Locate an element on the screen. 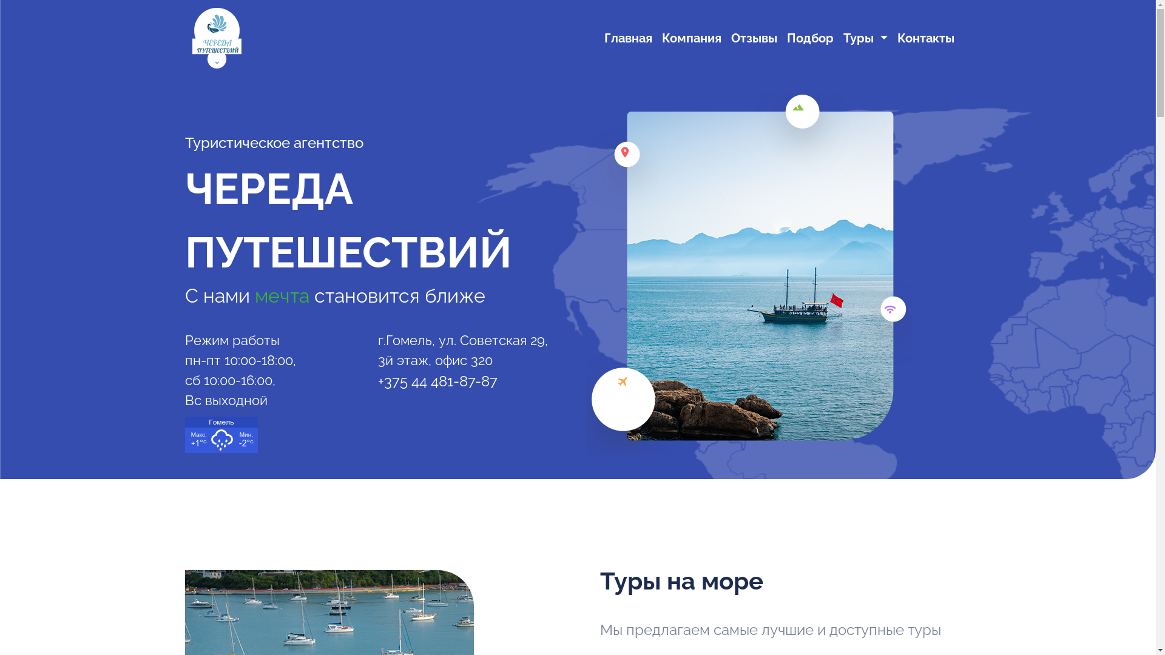  '+375 44 481-87-87' is located at coordinates (437, 380).